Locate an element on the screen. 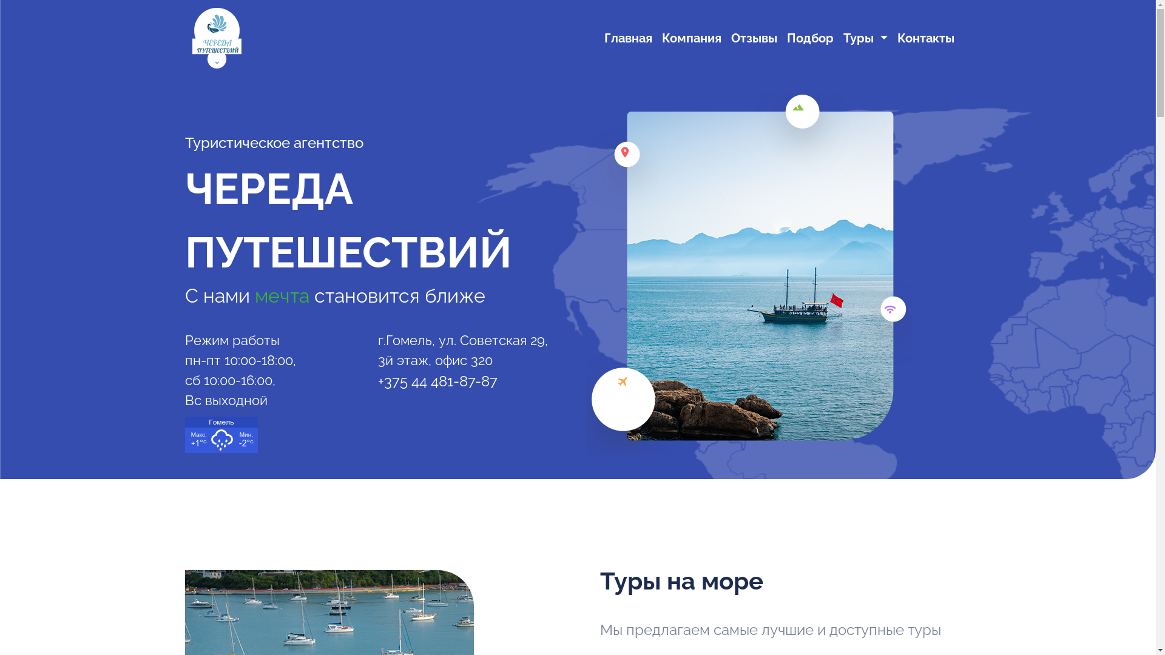  '+375 44 481-87-87' is located at coordinates (437, 380).